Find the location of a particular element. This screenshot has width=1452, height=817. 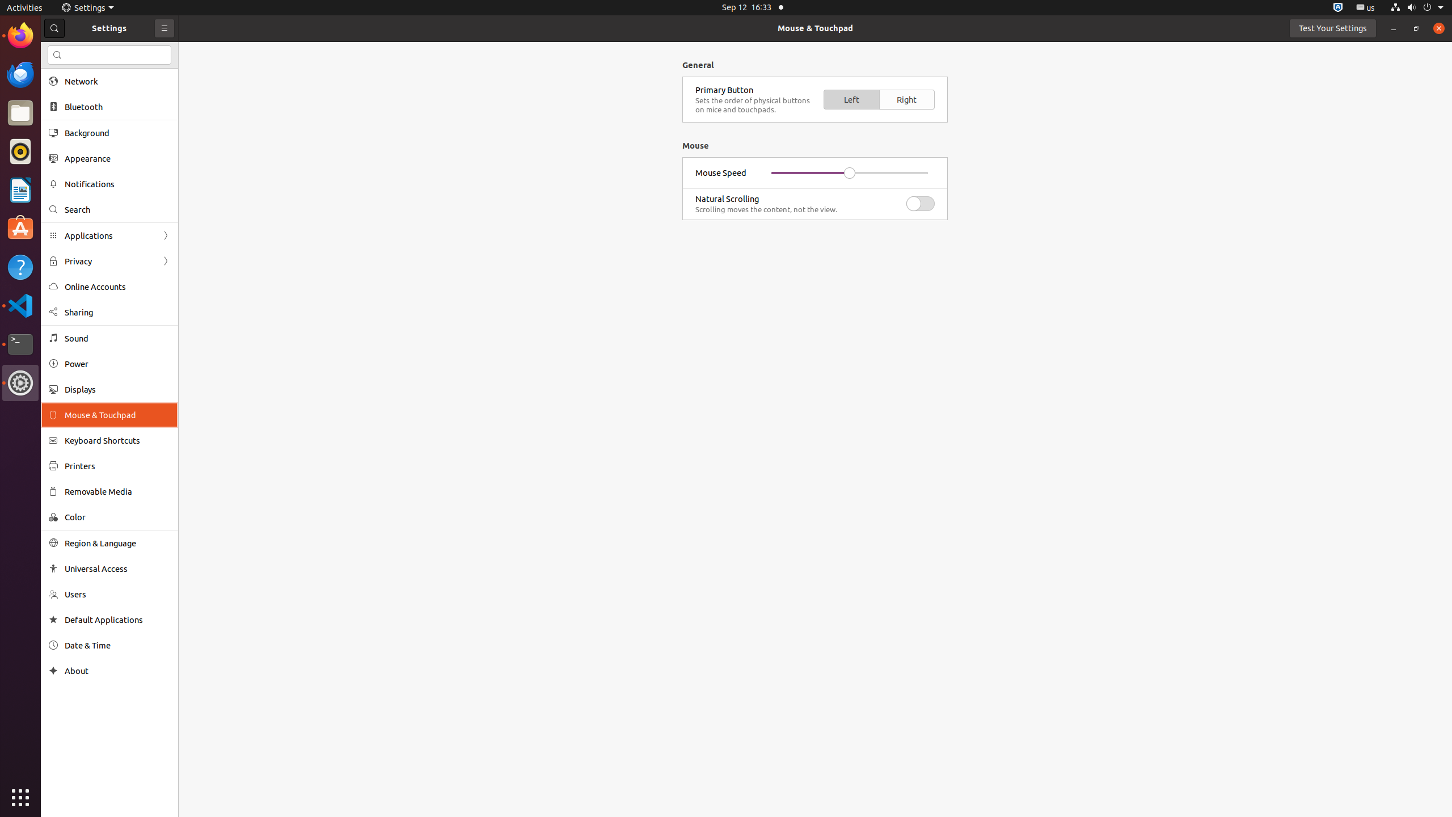

'Power' is located at coordinates (117, 363).